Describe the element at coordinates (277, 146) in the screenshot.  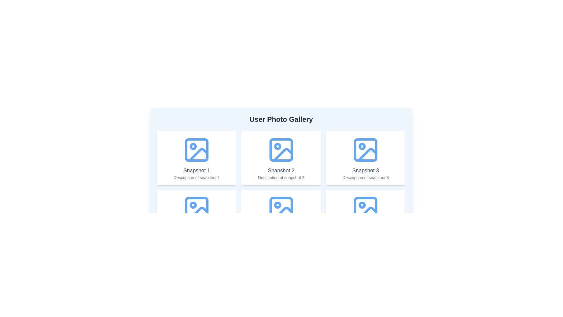
I see `the SVG Circle located at the top-left portion within the second image icon of the first row in the grid layout` at that location.